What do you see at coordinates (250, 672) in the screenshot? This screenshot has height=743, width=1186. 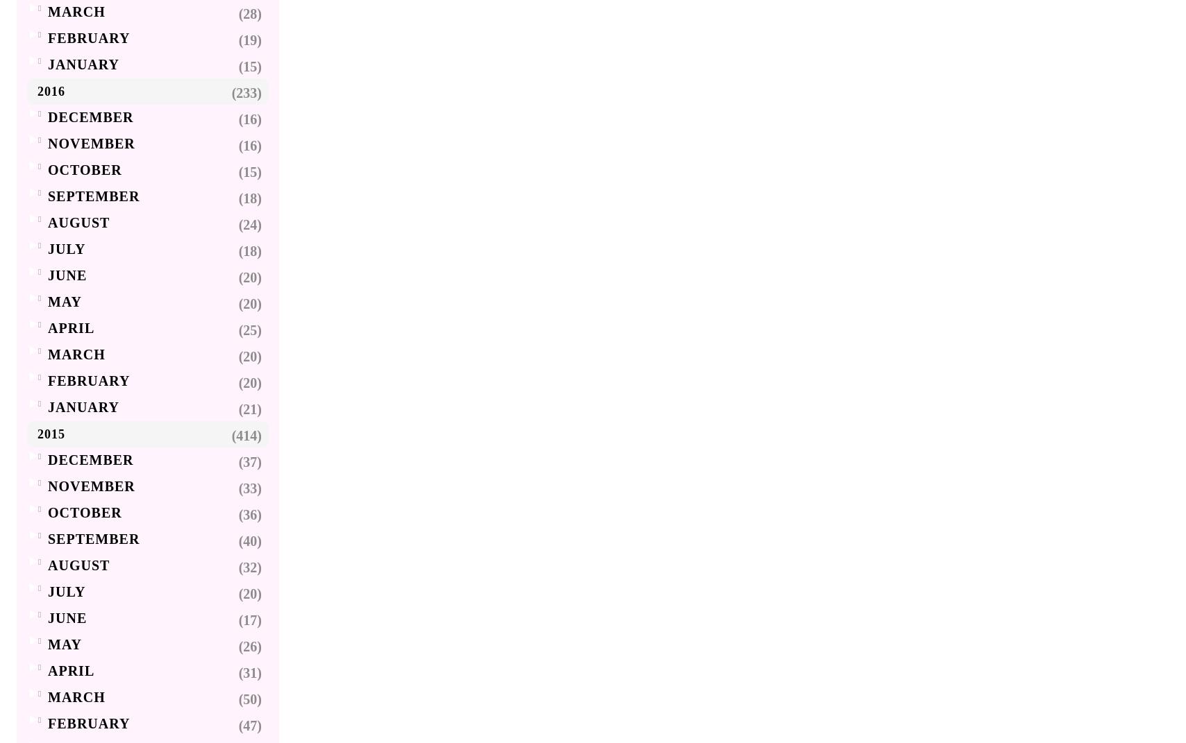 I see `'(31)'` at bounding box center [250, 672].